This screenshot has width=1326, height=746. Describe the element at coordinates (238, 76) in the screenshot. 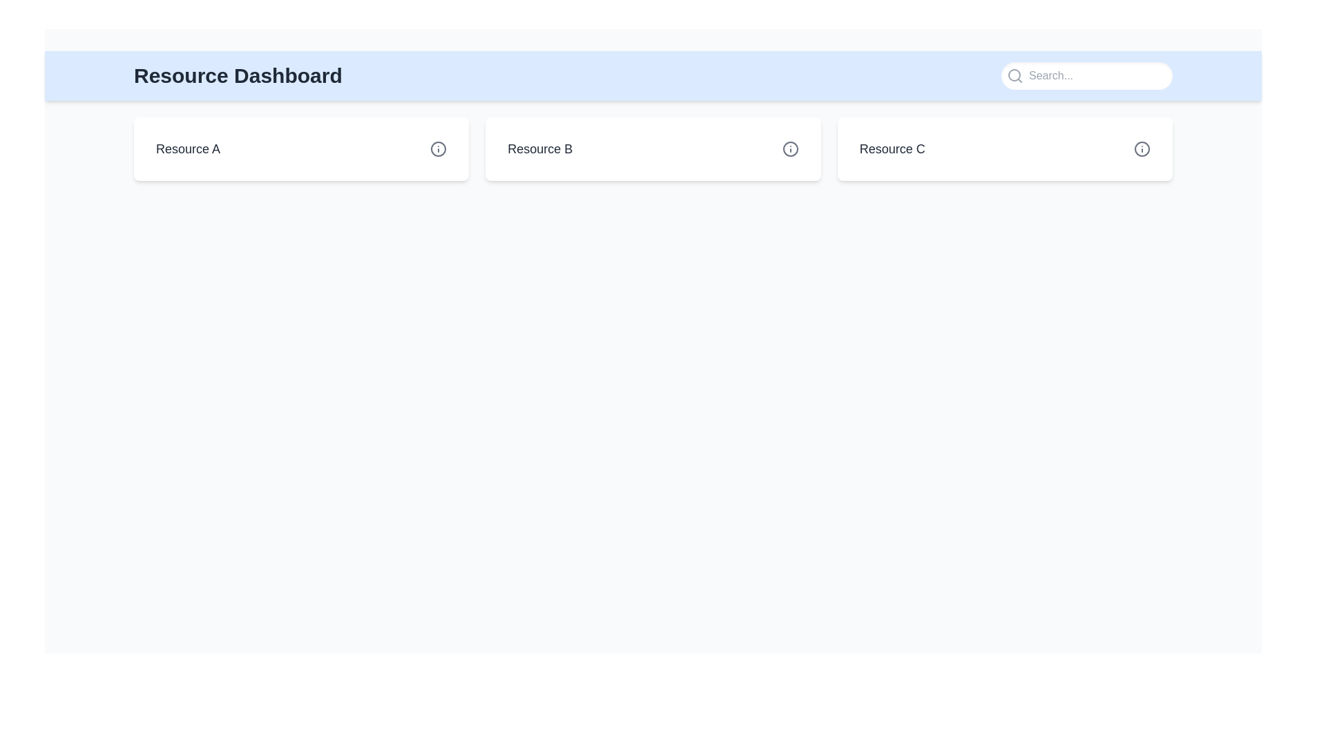

I see `the title text at the top-left corner of the dashboard interface, which indicates the main theme or purpose of the page` at that location.